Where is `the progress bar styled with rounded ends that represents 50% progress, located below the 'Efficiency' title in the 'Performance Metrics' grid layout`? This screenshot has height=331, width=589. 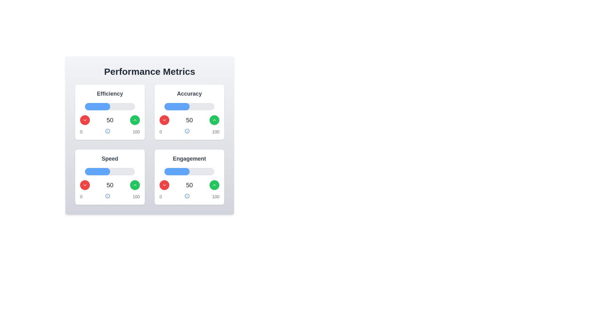
the progress bar styled with rounded ends that represents 50% progress, located below the 'Efficiency' title in the 'Performance Metrics' grid layout is located at coordinates (110, 106).